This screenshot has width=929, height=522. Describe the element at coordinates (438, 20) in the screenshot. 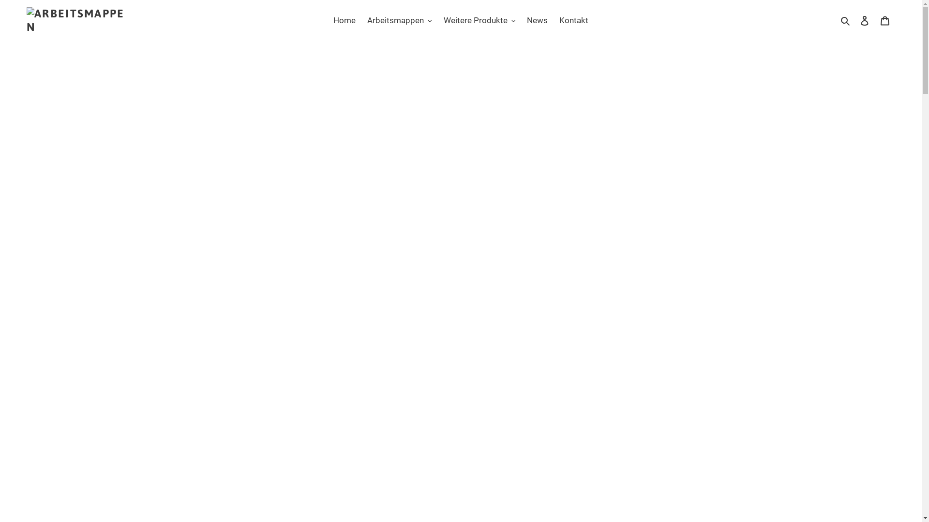

I see `'Weitere Produkte'` at that location.